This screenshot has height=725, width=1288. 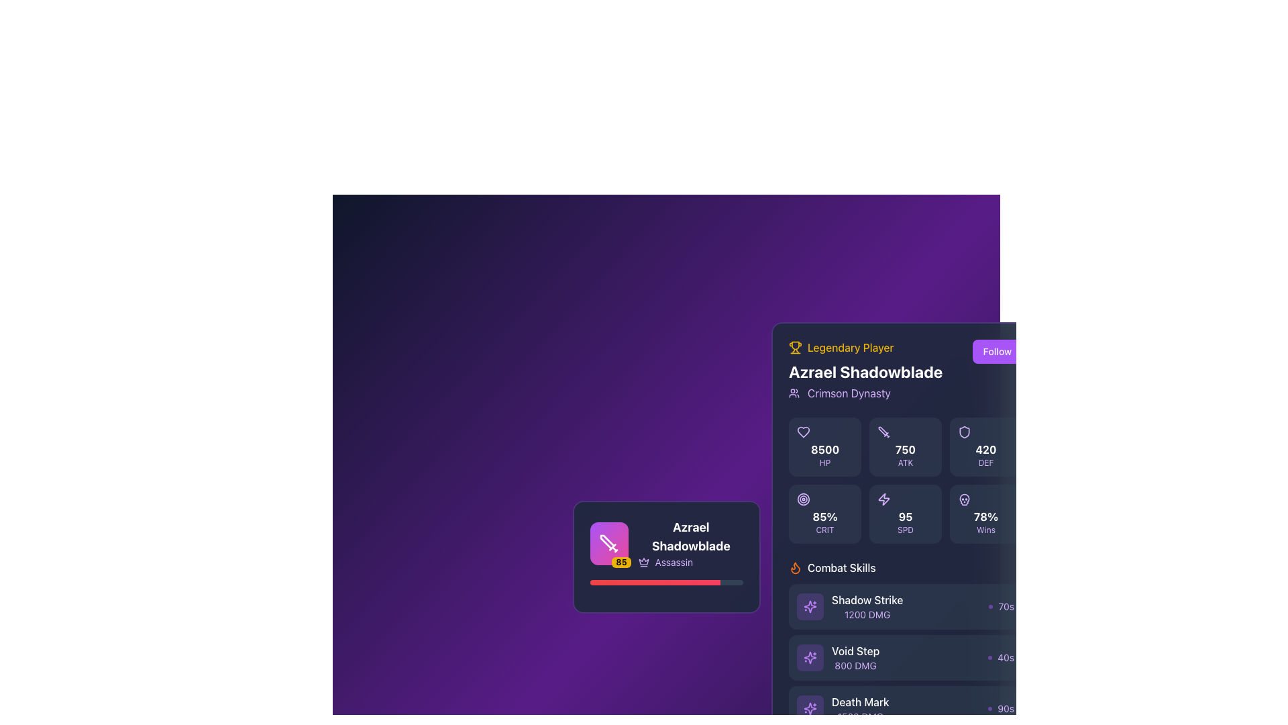 I want to click on the decorative SVG icon associated with the '420 DEF' attribute located on the right-hand side of the 'DEF' panel, so click(x=963, y=432).